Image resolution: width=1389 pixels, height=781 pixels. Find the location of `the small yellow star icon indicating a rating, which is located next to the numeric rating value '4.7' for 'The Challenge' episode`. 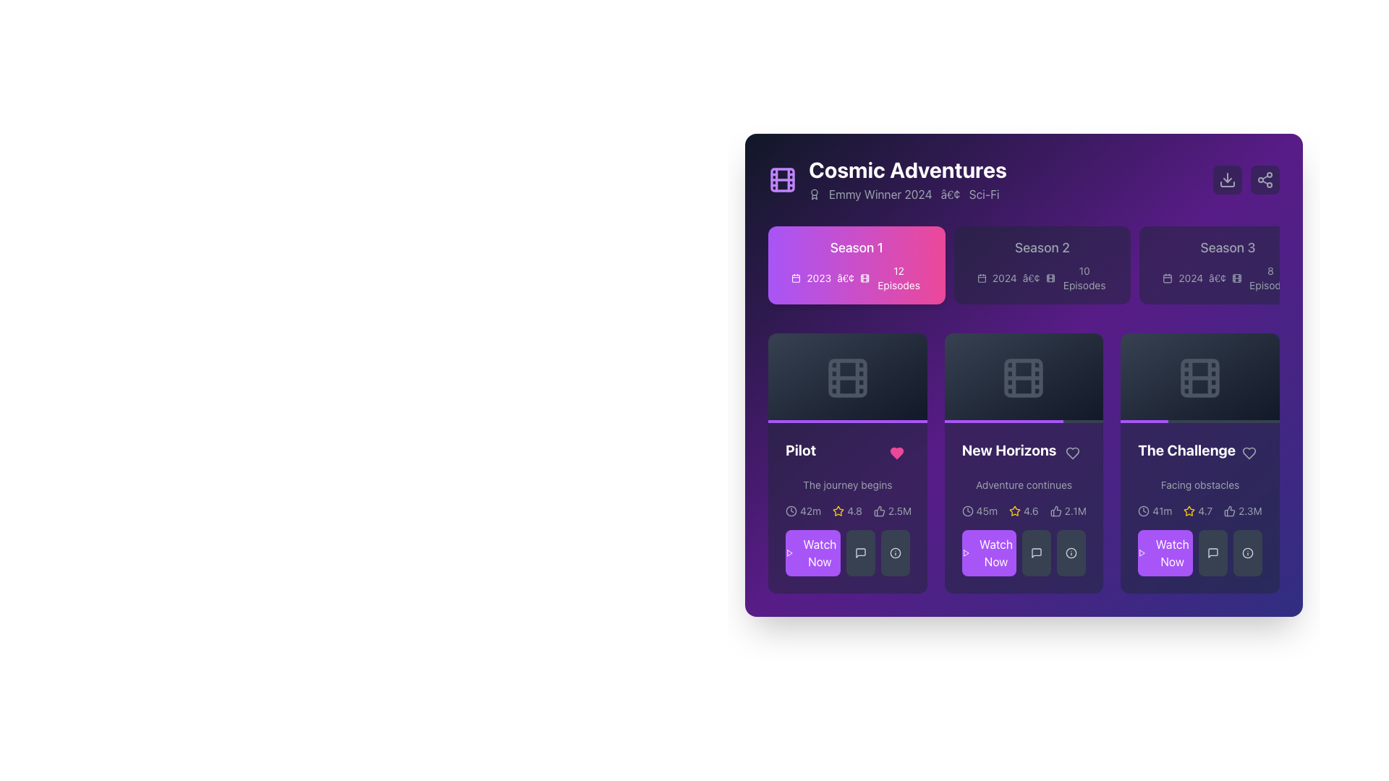

the small yellow star icon indicating a rating, which is located next to the numeric rating value '4.7' for 'The Challenge' episode is located at coordinates (1189, 510).